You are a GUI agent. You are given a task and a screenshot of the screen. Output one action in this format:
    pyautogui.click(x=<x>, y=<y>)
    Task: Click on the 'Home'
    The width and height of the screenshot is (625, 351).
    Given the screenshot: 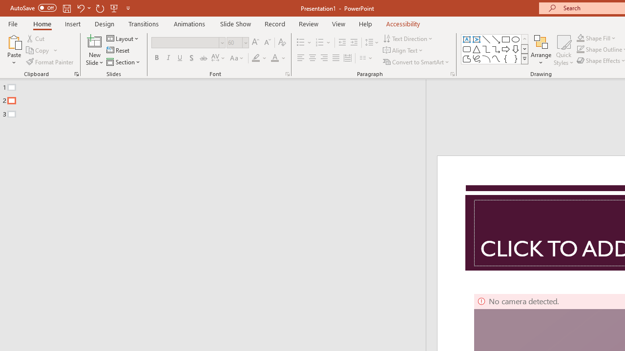 What is the action you would take?
    pyautogui.click(x=42, y=23)
    